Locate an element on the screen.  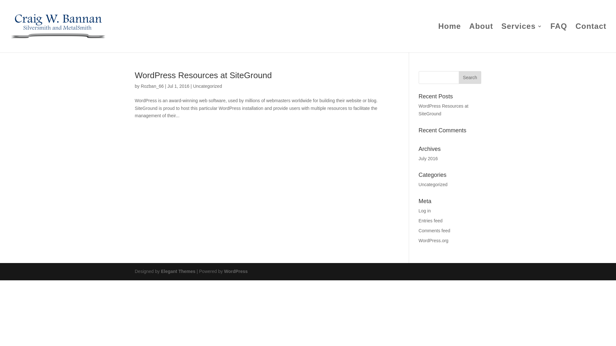
'Log in' is located at coordinates (425, 211).